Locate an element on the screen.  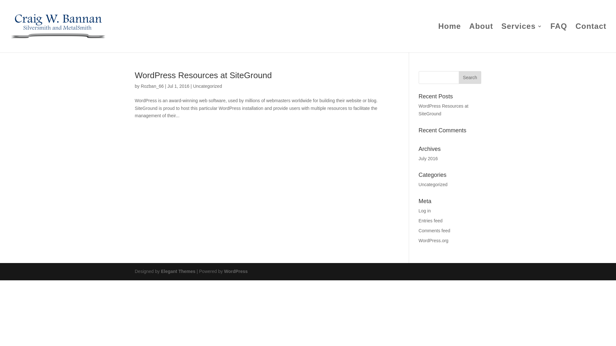
'Log in' is located at coordinates (425, 211).